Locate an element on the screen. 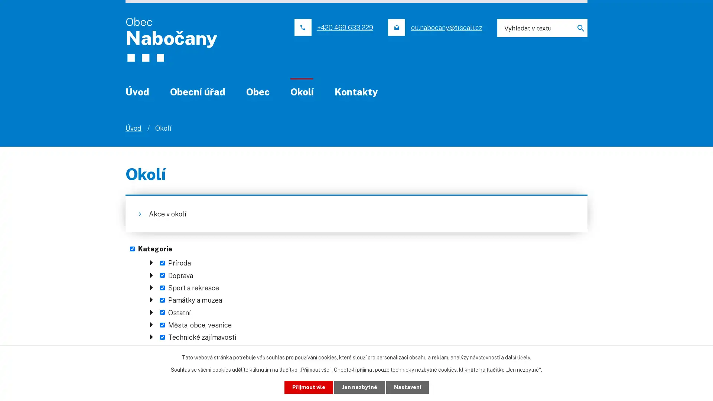 The image size is (713, 401). Hledat is located at coordinates (577, 27).